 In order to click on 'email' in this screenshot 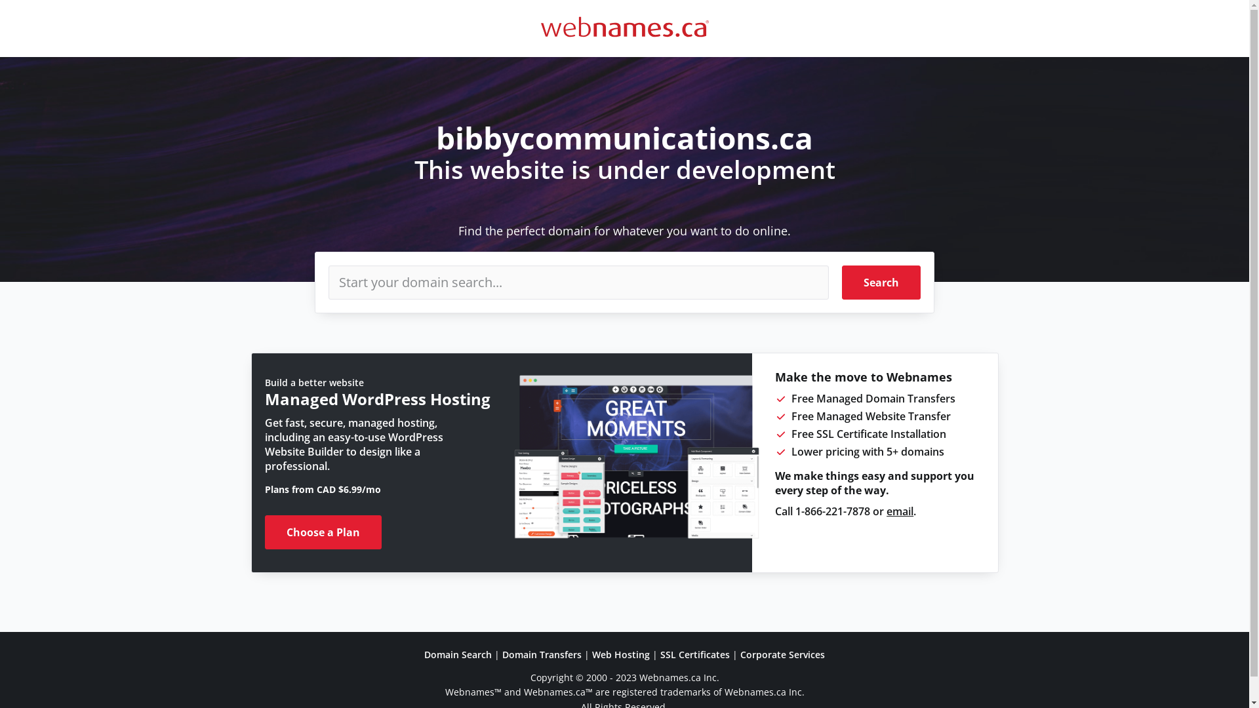, I will do `click(899, 510)`.